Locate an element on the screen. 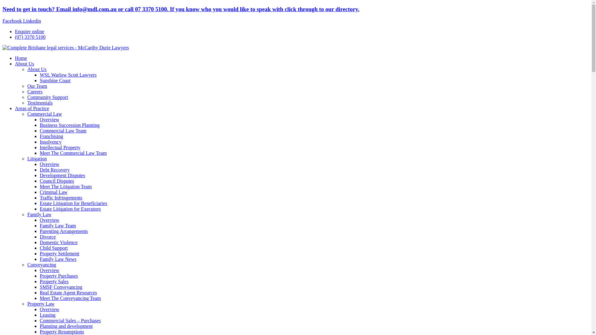 Image resolution: width=596 pixels, height=335 pixels. 'Property Purchases' is located at coordinates (59, 275).